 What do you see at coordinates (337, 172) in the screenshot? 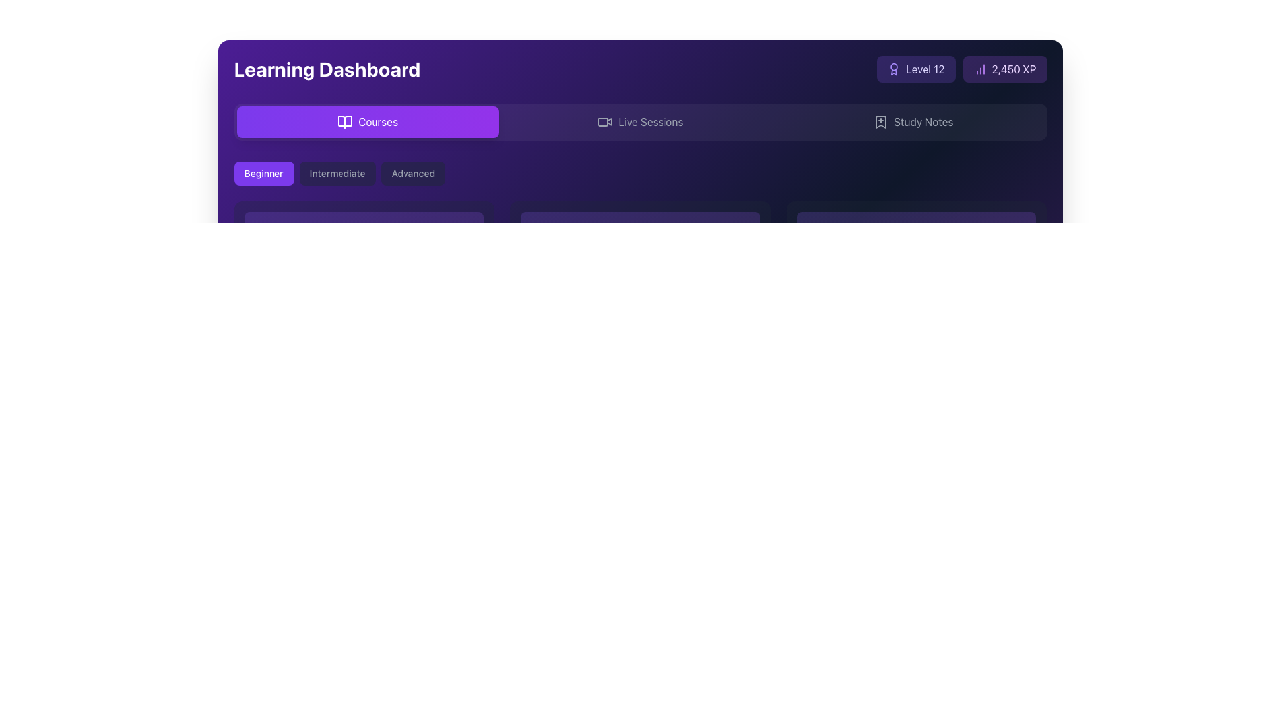
I see `the 'Intermediate' button, which is a rectangular button with rounded corners located between the 'Beginner' and 'Advanced' buttons beneath the 'Learning Dashboard' header` at bounding box center [337, 172].